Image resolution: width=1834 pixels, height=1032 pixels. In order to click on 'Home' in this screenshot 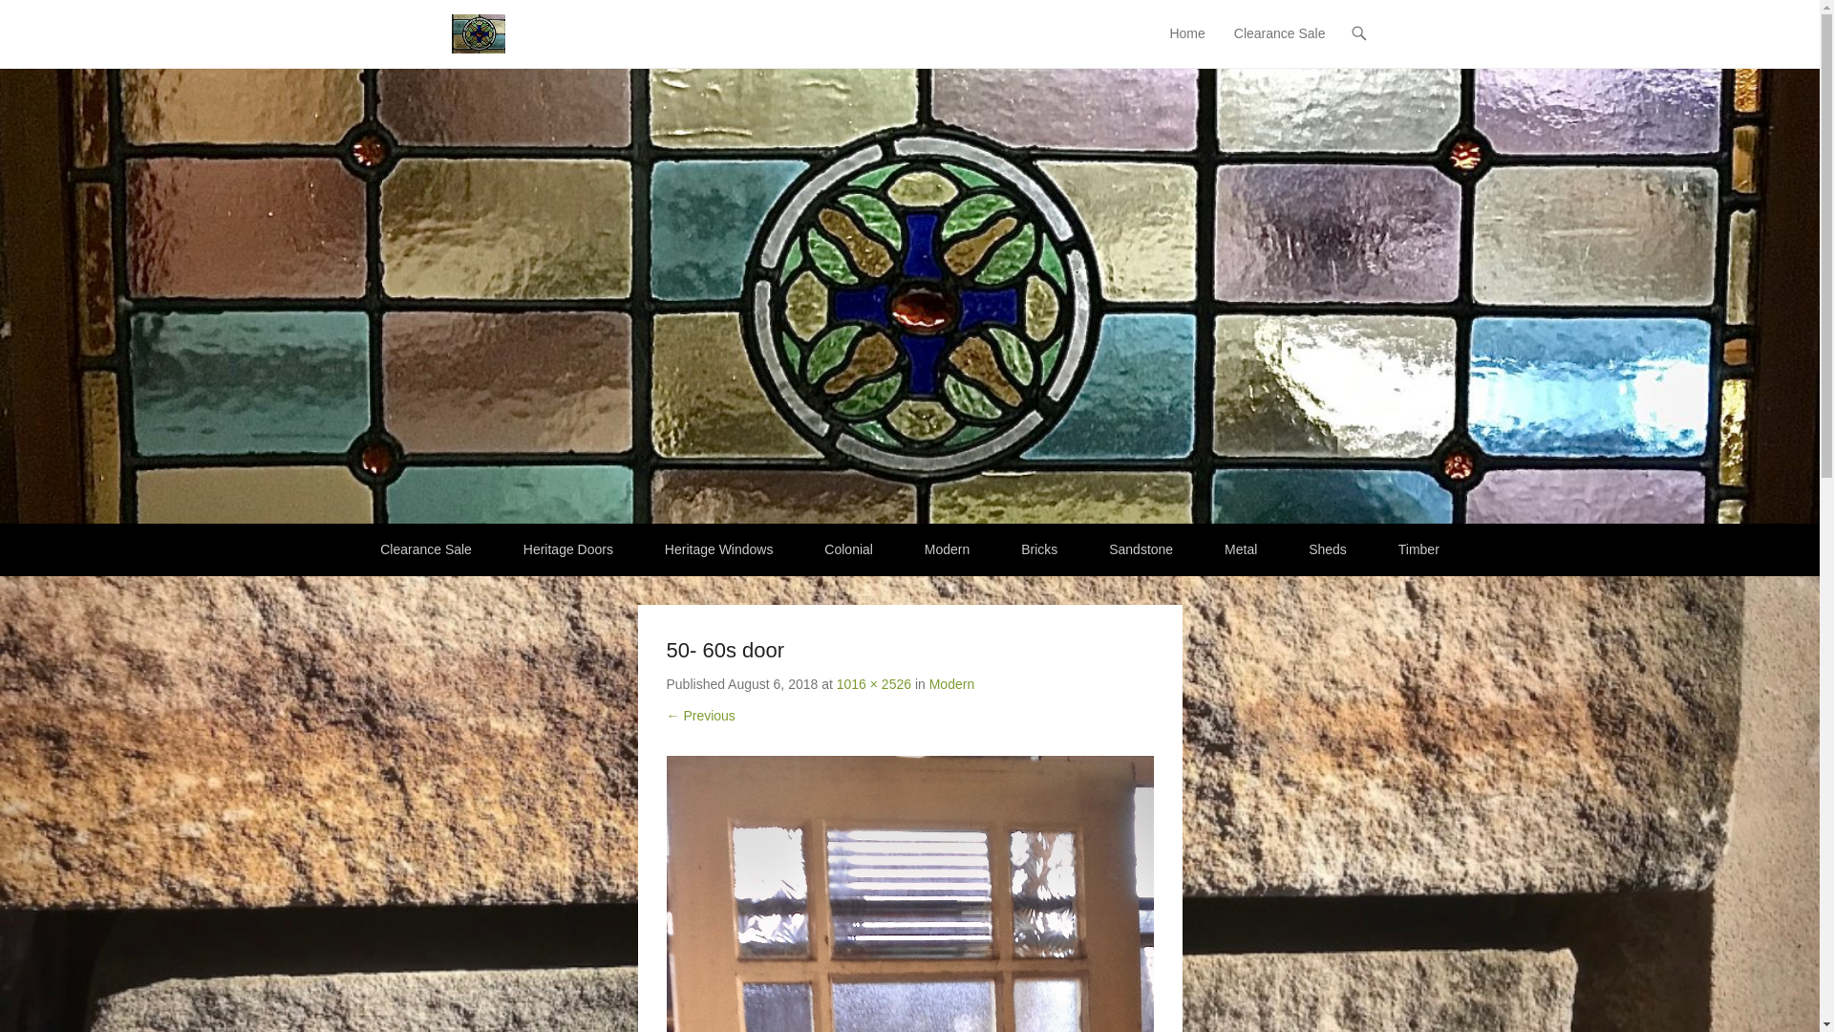, I will do `click(1185, 44)`.